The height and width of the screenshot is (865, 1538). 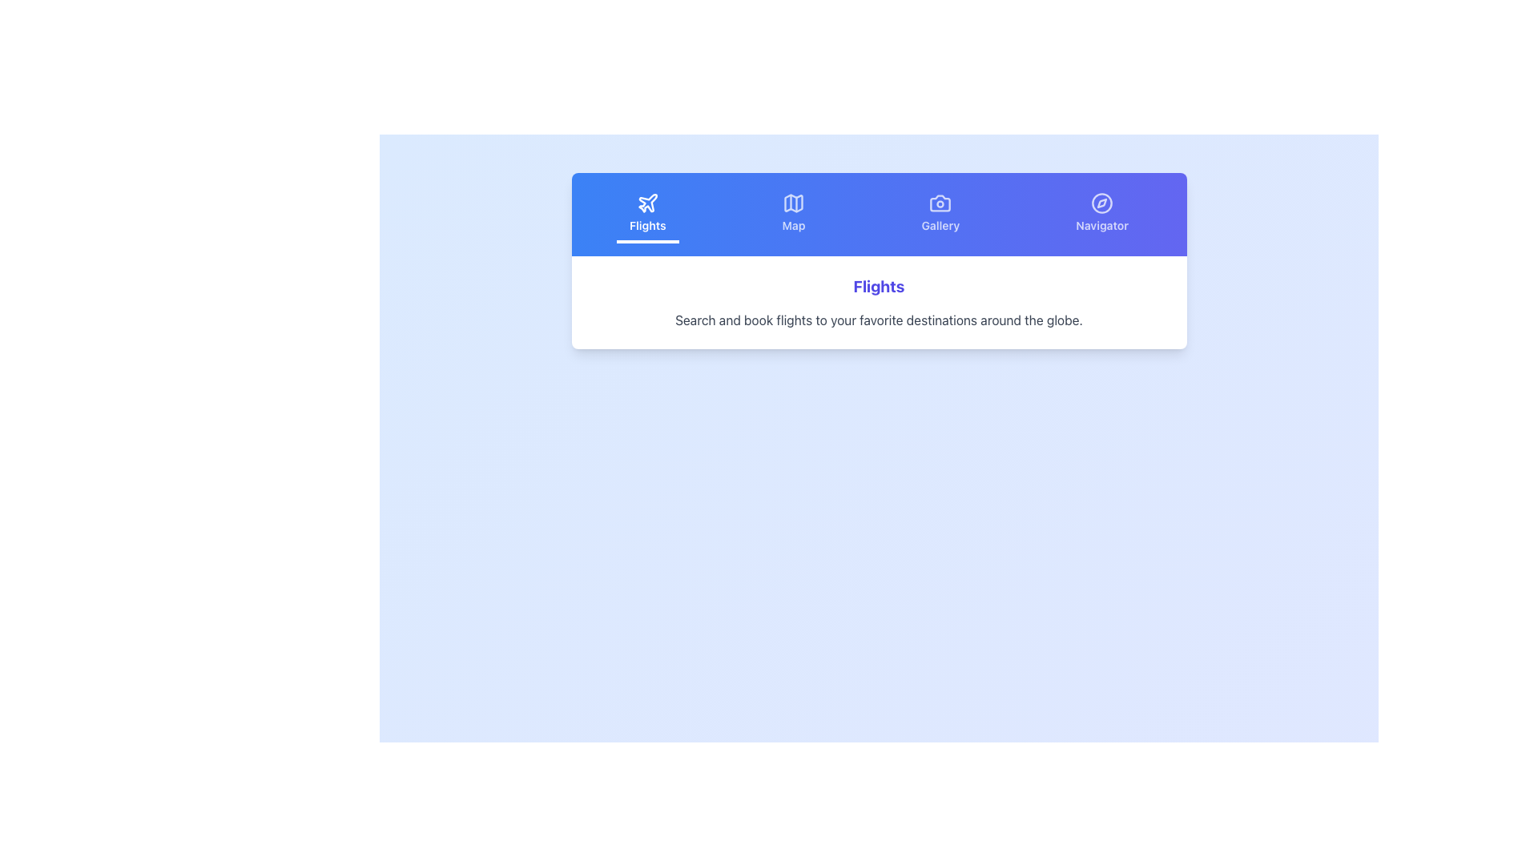 What do you see at coordinates (878, 320) in the screenshot?
I see `the static text element that reads 'Search and book flights to your favorite destinations around the globe.', located below the bold, indigo 'Flights' title` at bounding box center [878, 320].